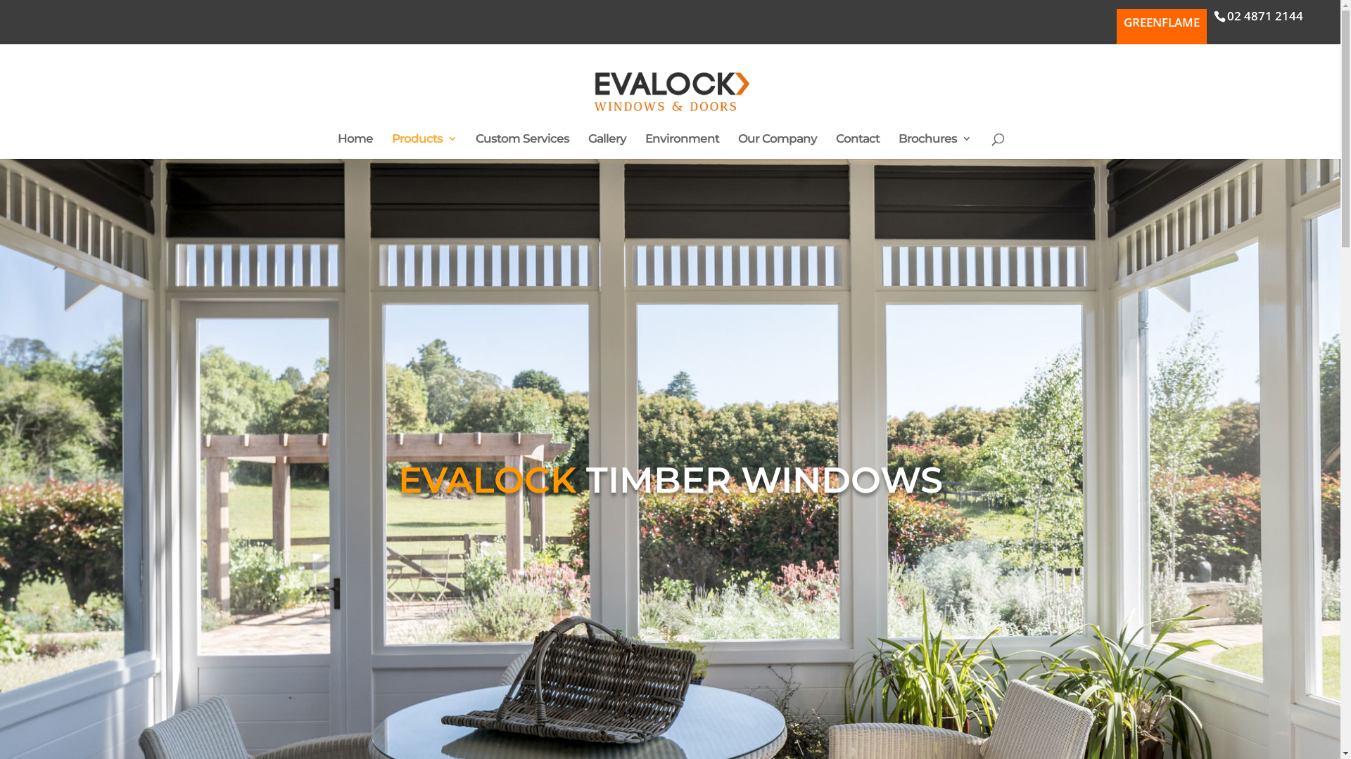 Image resolution: width=1351 pixels, height=759 pixels. Describe the element at coordinates (424, 146) in the screenshot. I see `'Products'` at that location.